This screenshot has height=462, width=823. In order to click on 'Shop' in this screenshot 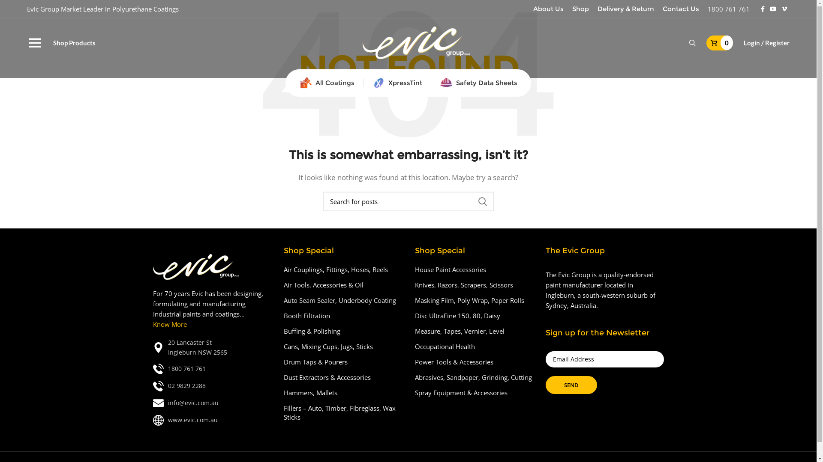, I will do `click(580, 9)`.